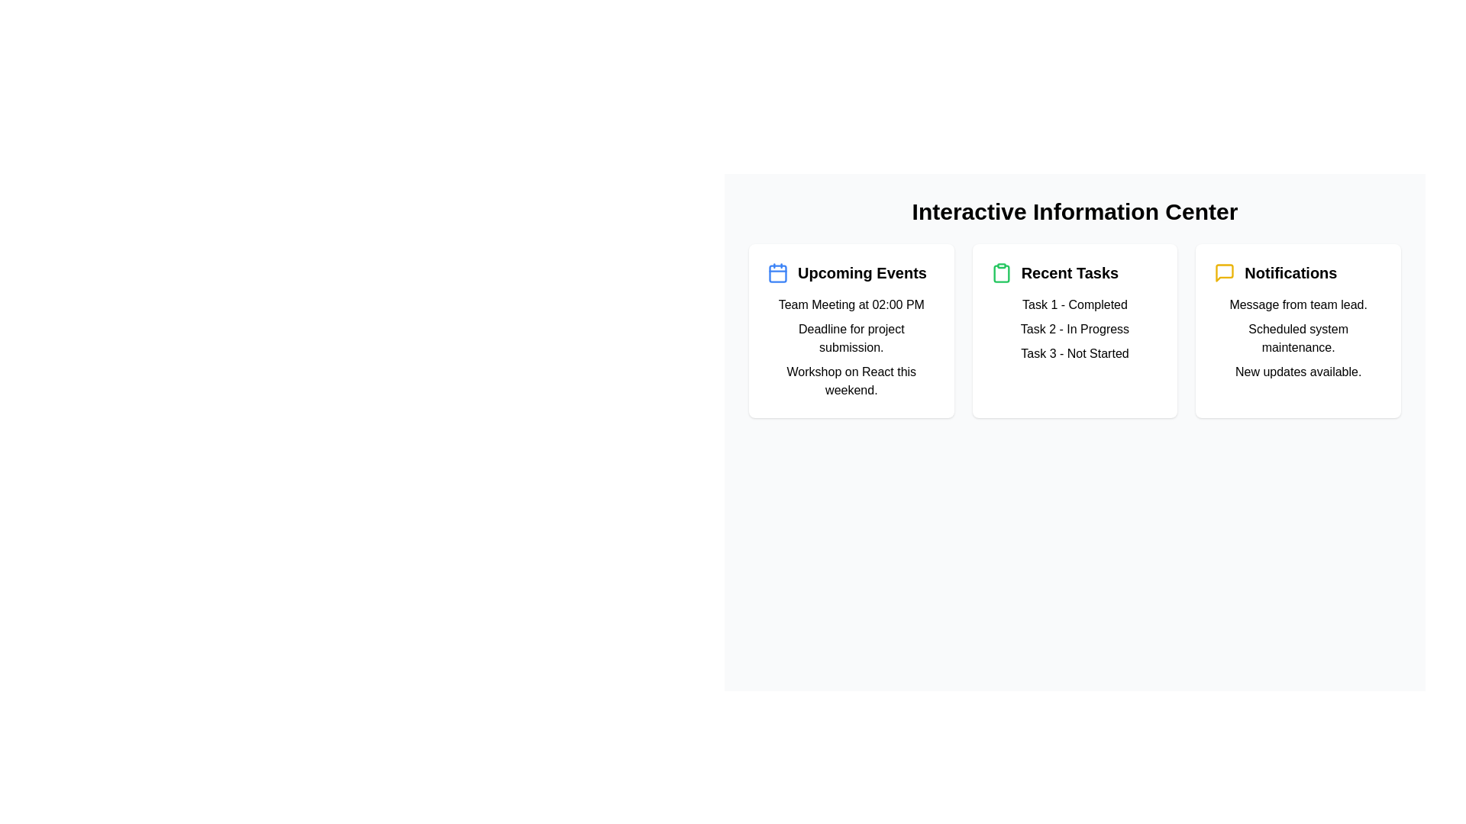  I want to click on the header-level text element reading 'Upcoming Events', which is styled with a large, bold font and is visually prominent due to its high-contrast black text on a white background, so click(862, 272).